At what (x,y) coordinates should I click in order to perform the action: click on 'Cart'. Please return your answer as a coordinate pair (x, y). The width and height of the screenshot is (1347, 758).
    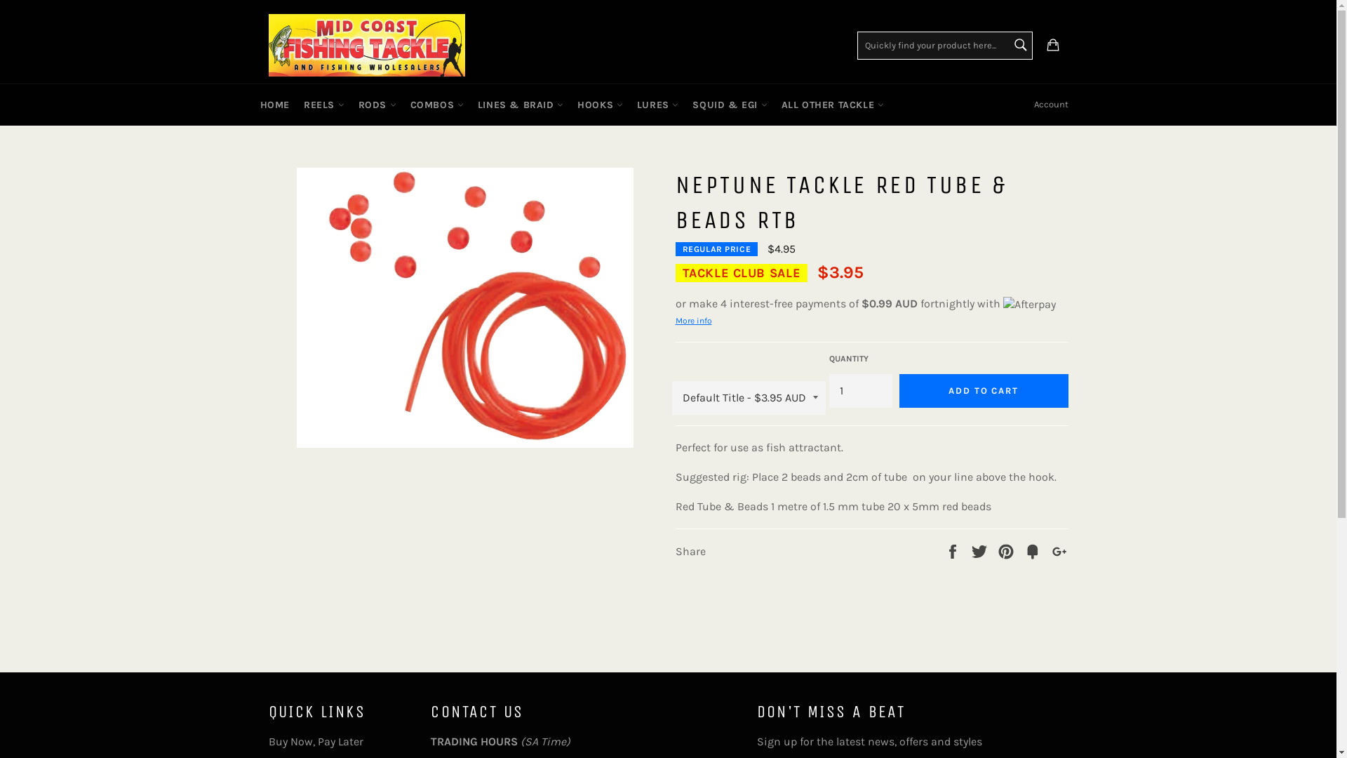
    Looking at the image, I should click on (1053, 44).